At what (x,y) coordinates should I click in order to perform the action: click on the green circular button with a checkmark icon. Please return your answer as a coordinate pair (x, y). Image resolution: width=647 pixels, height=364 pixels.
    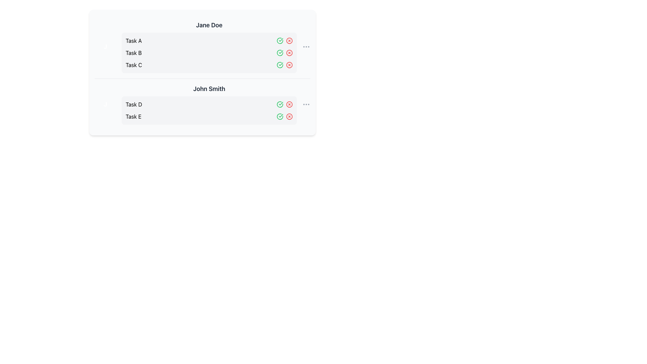
    Looking at the image, I should click on (280, 116).